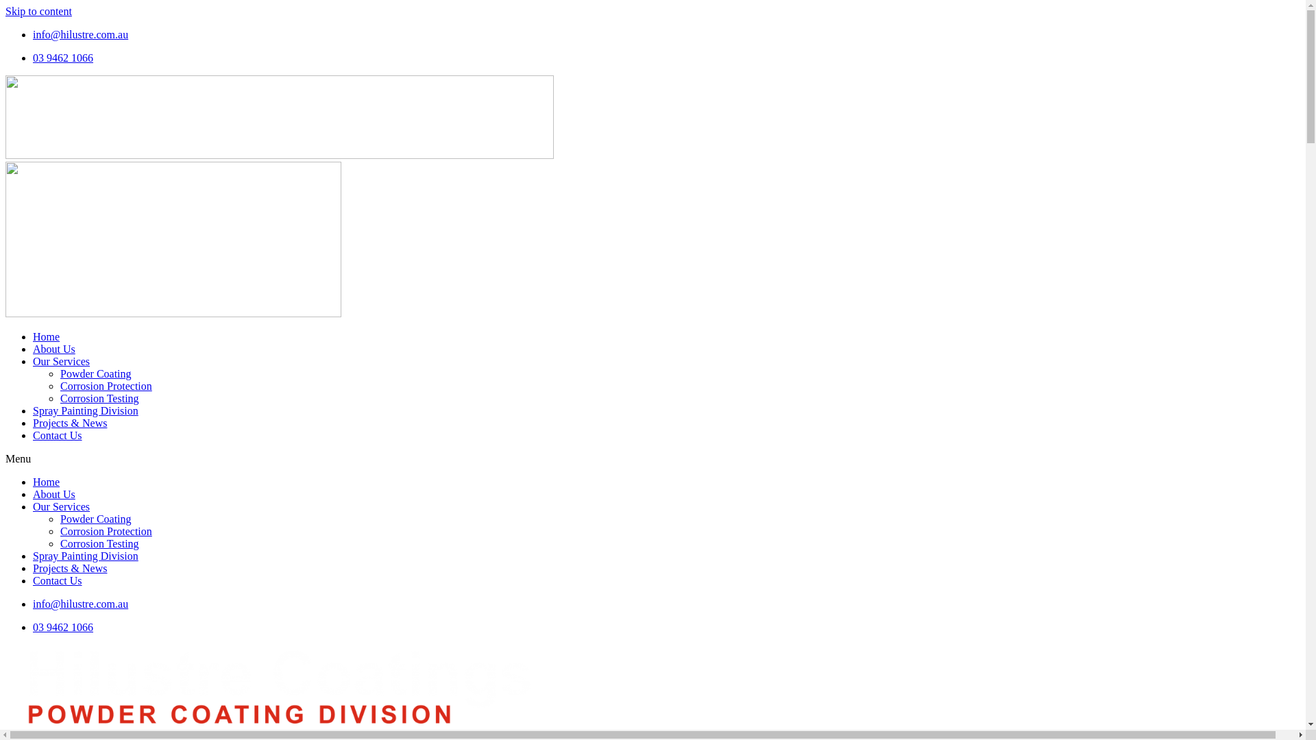 Image resolution: width=1316 pixels, height=740 pixels. Describe the element at coordinates (33, 422) in the screenshot. I see `'Projects & News'` at that location.